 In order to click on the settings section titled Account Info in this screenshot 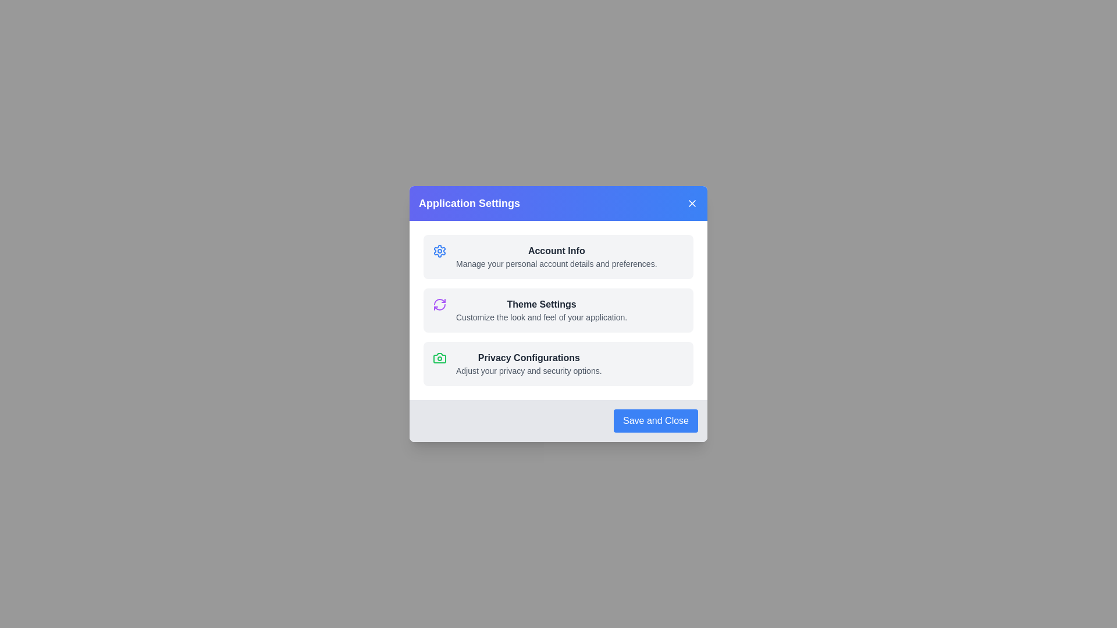, I will do `click(558, 256)`.